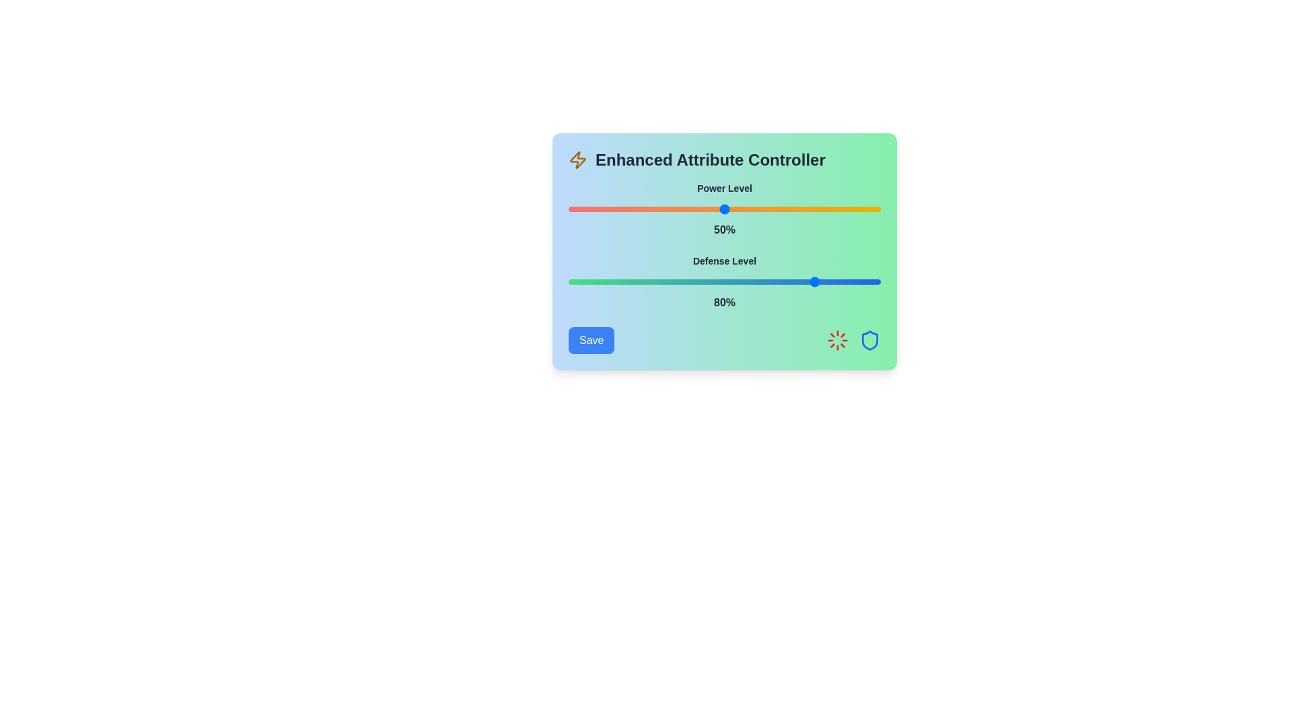  What do you see at coordinates (618, 281) in the screenshot?
I see `the Defense Level slider to 16%` at bounding box center [618, 281].